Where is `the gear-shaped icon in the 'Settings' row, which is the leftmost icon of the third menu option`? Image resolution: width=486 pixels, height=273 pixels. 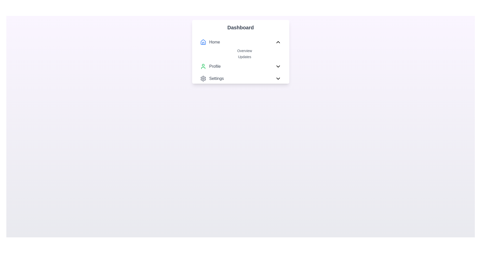 the gear-shaped icon in the 'Settings' row, which is the leftmost icon of the third menu option is located at coordinates (203, 79).